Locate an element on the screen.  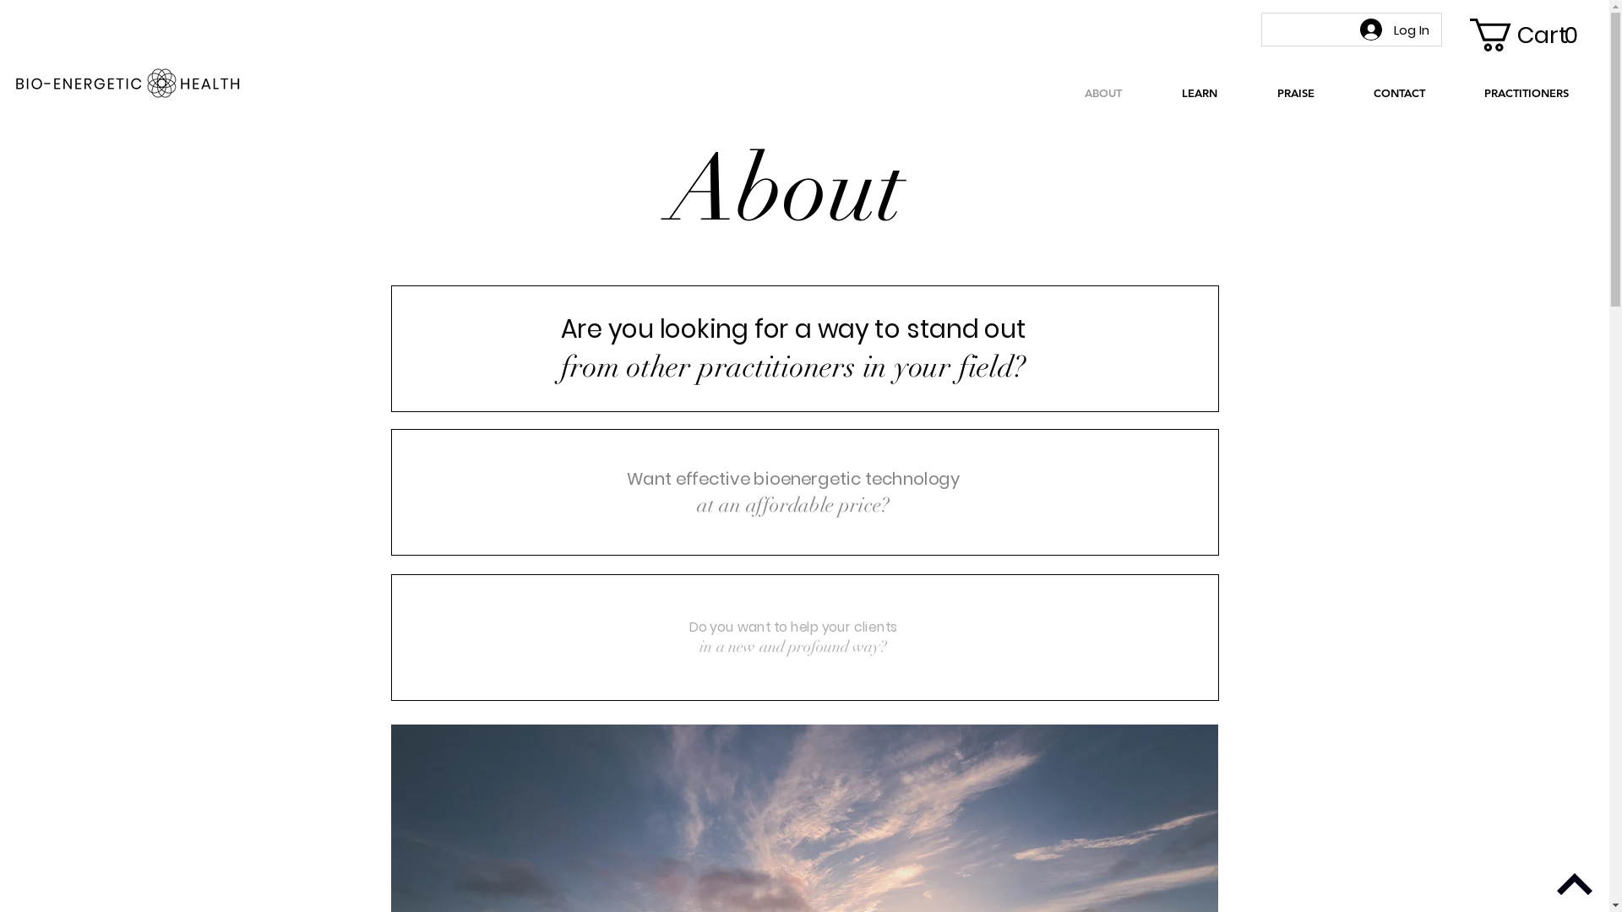
'LEARN' is located at coordinates (1198, 93).